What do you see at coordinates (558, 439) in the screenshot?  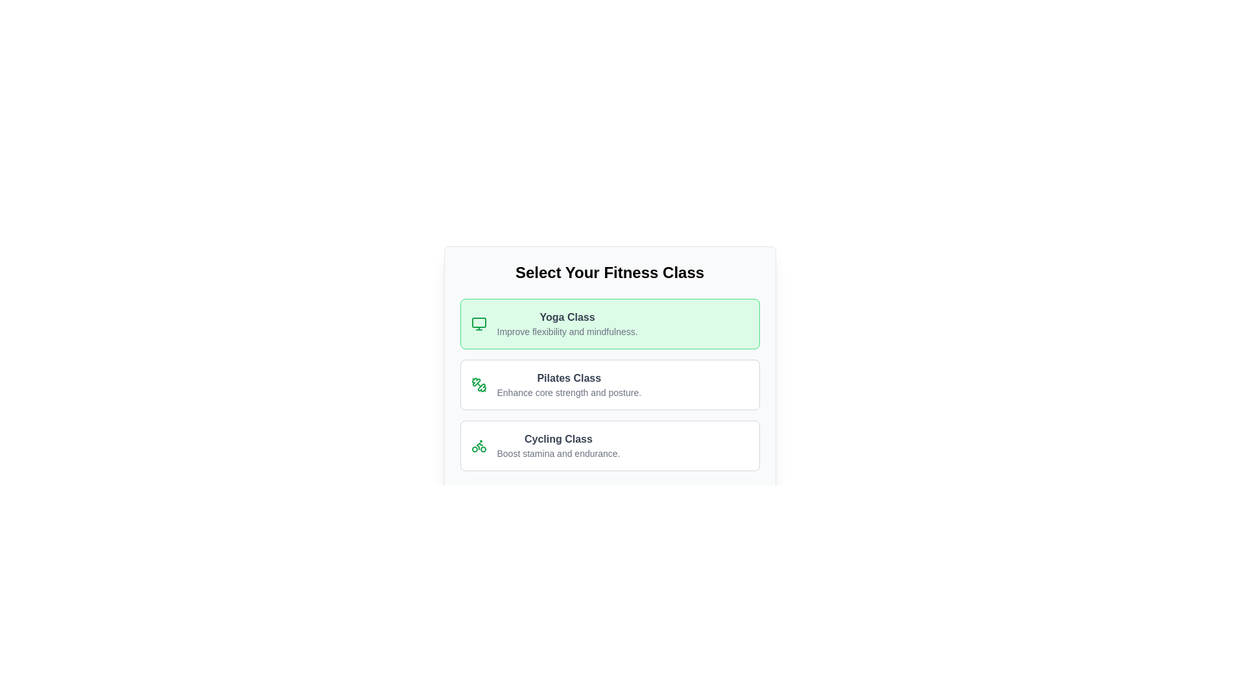 I see `text label for the cycling class option, which is positioned at the top of the third section of fitness class options` at bounding box center [558, 439].